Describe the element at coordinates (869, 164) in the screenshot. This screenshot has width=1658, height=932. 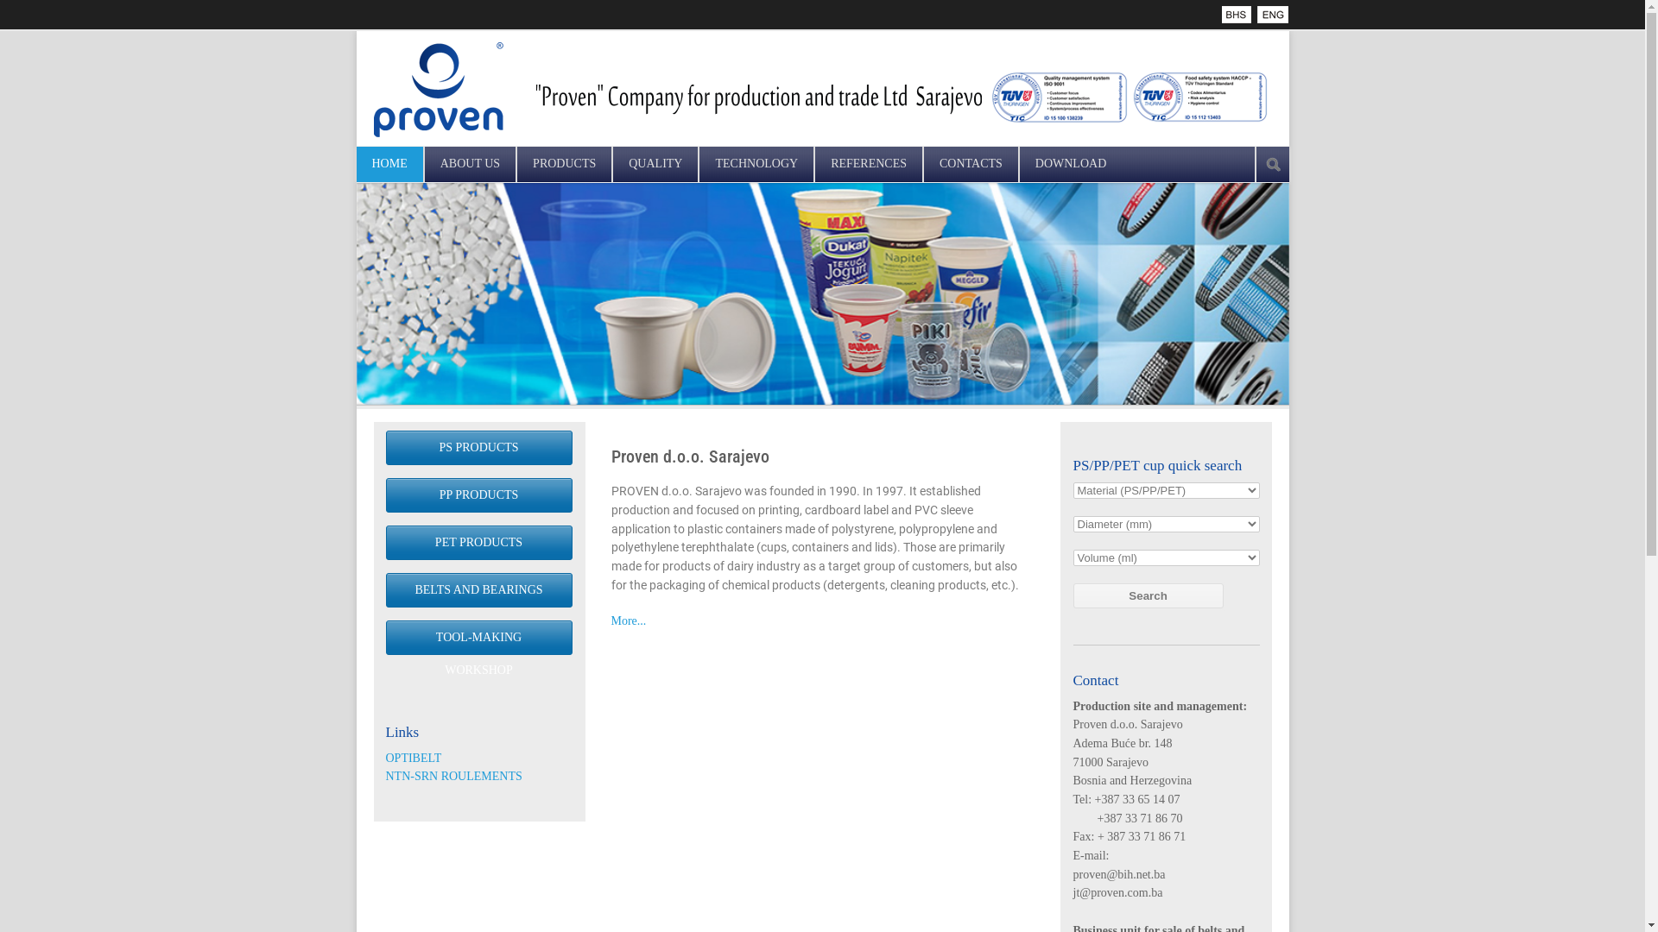
I see `'REFERENCES'` at that location.